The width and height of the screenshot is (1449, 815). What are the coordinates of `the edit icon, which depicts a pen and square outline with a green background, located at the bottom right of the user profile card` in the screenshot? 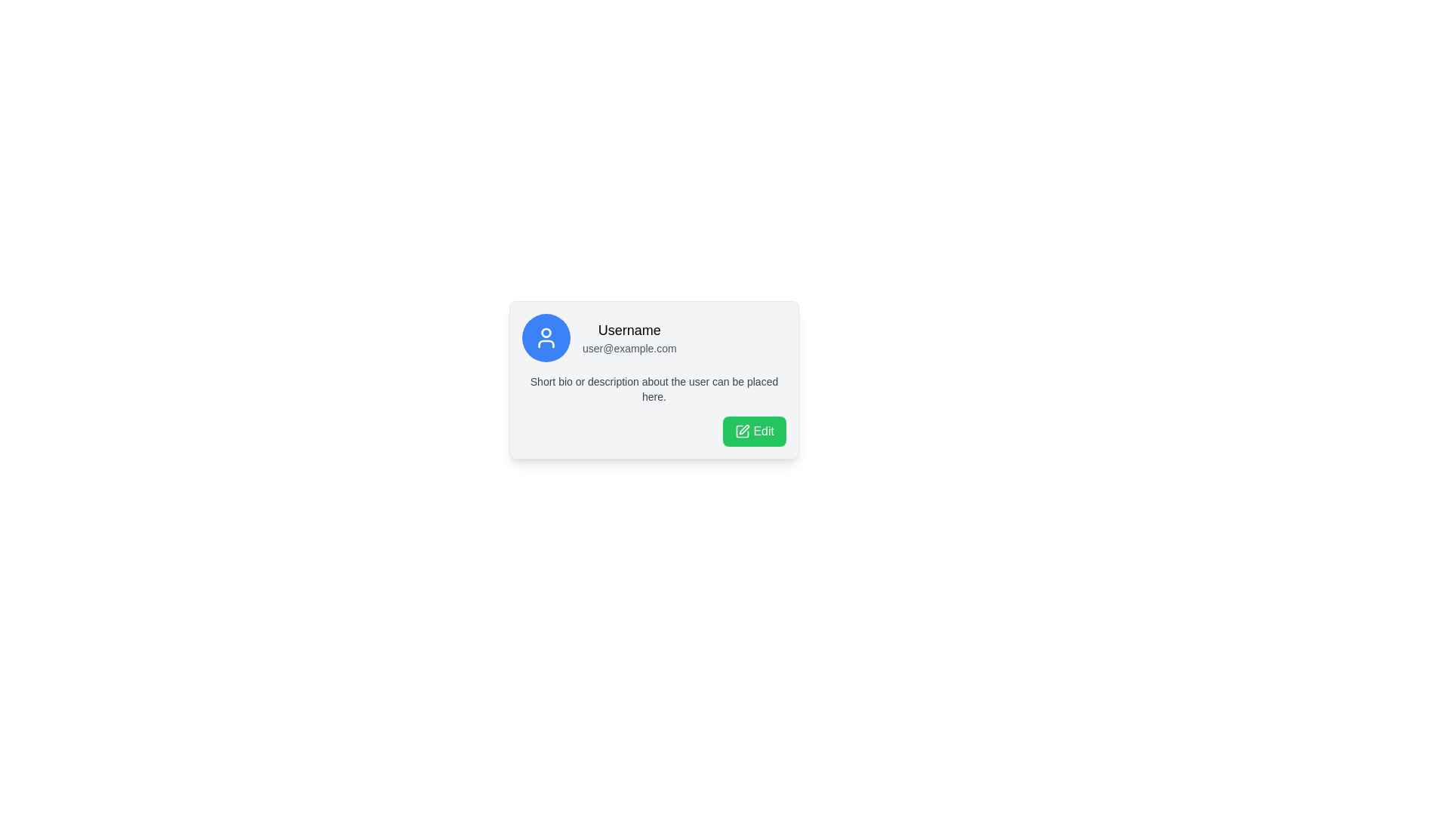 It's located at (743, 431).